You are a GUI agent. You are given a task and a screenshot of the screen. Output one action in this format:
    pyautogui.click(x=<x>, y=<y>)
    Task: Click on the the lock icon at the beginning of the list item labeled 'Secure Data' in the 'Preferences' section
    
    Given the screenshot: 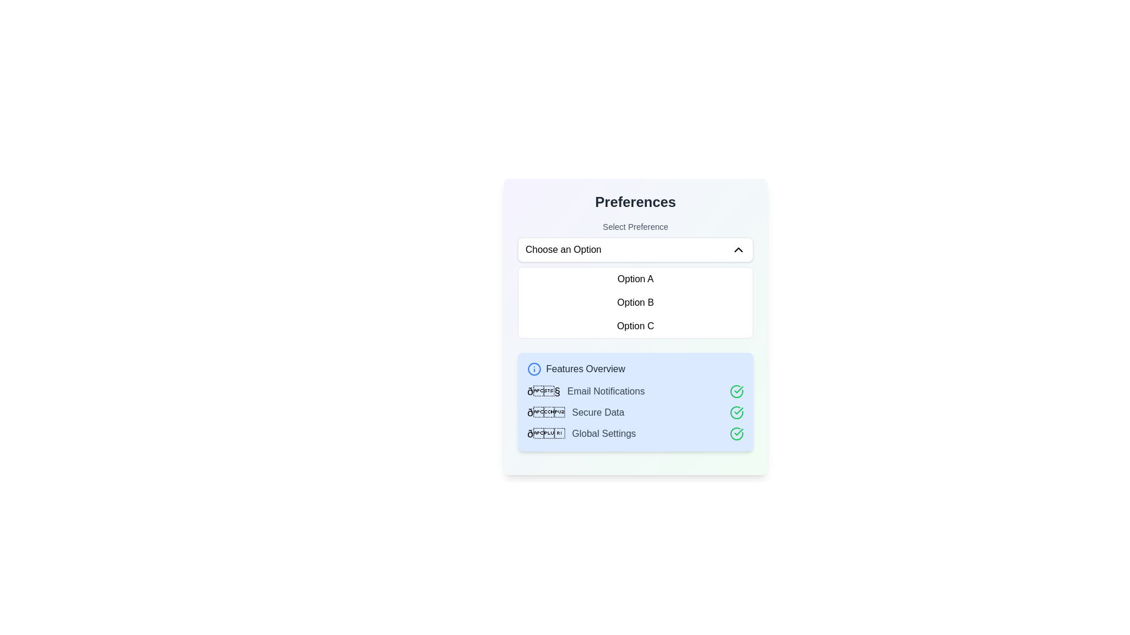 What is the action you would take?
    pyautogui.click(x=545, y=412)
    